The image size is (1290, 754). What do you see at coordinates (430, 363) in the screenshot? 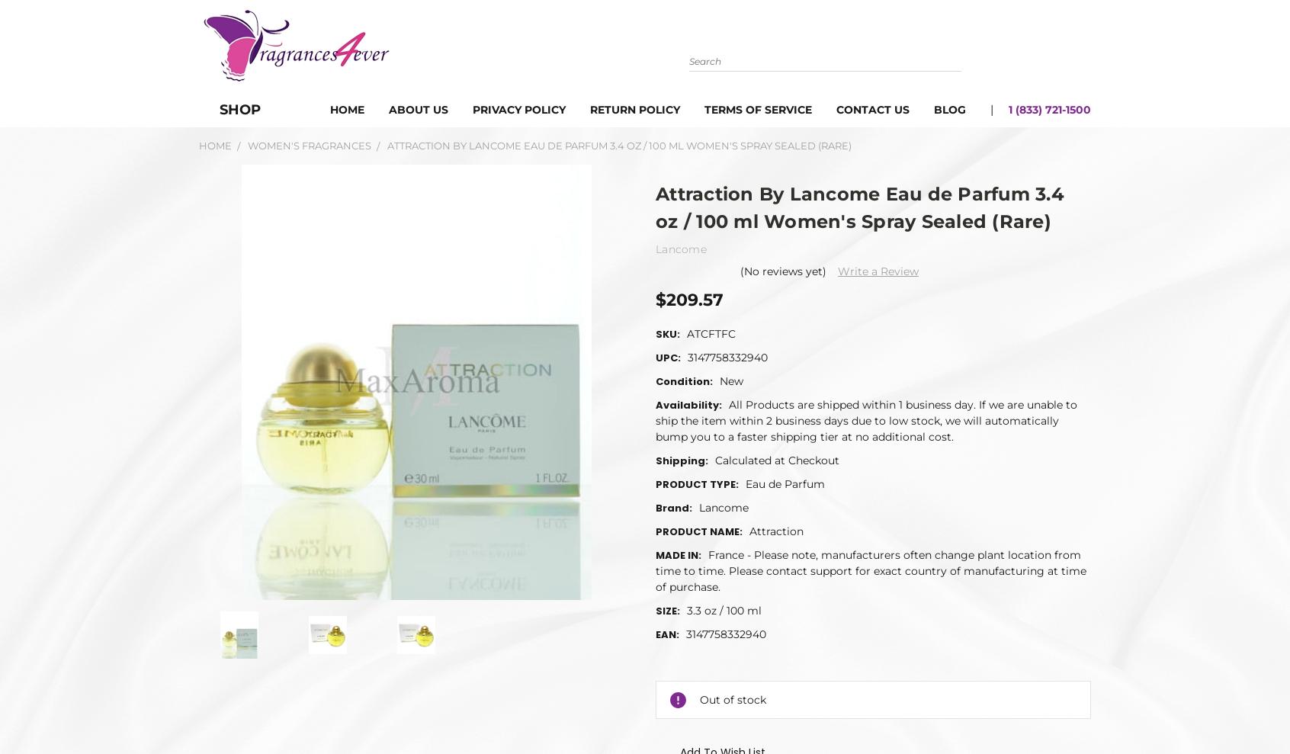
I see `'Write a Review'` at bounding box center [430, 363].